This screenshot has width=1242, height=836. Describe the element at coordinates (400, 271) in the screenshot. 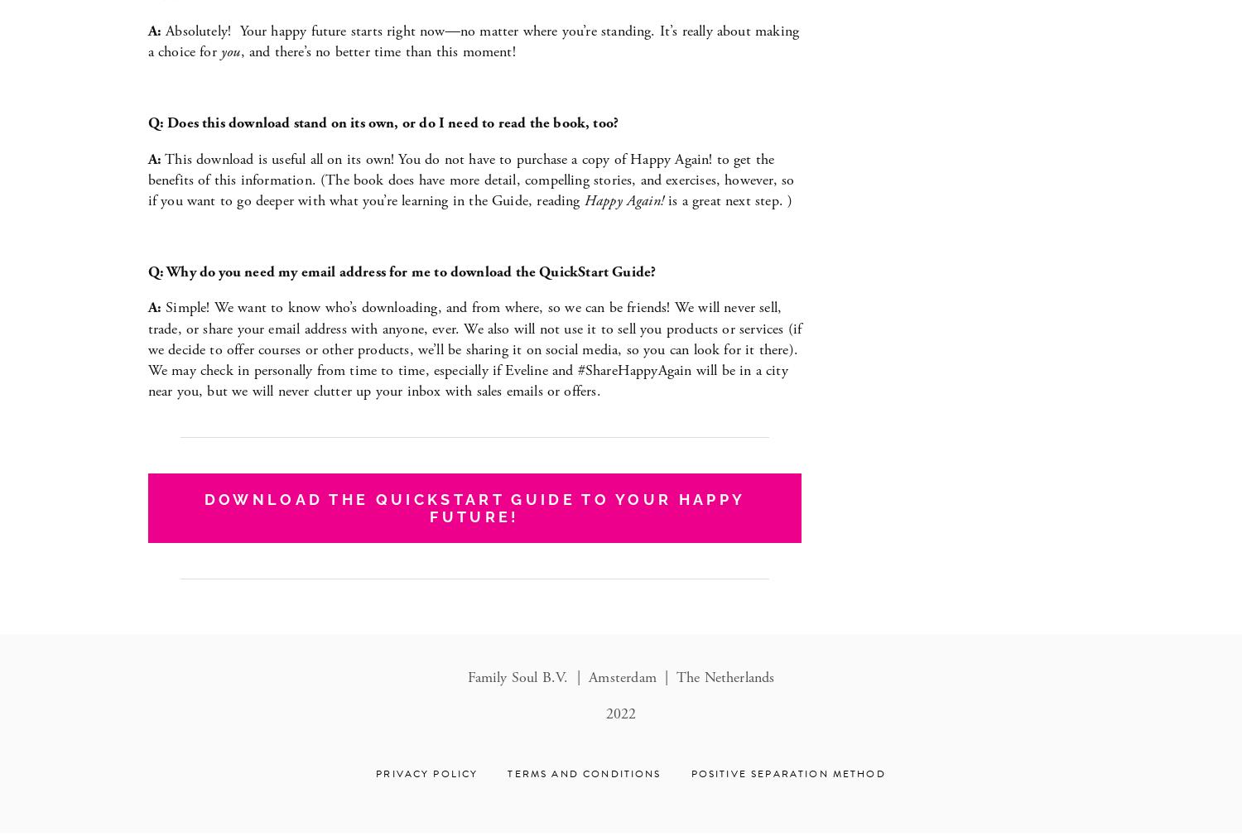

I see `'Q: Why do you need my email address for me to download the QuickStart Guide?'` at that location.